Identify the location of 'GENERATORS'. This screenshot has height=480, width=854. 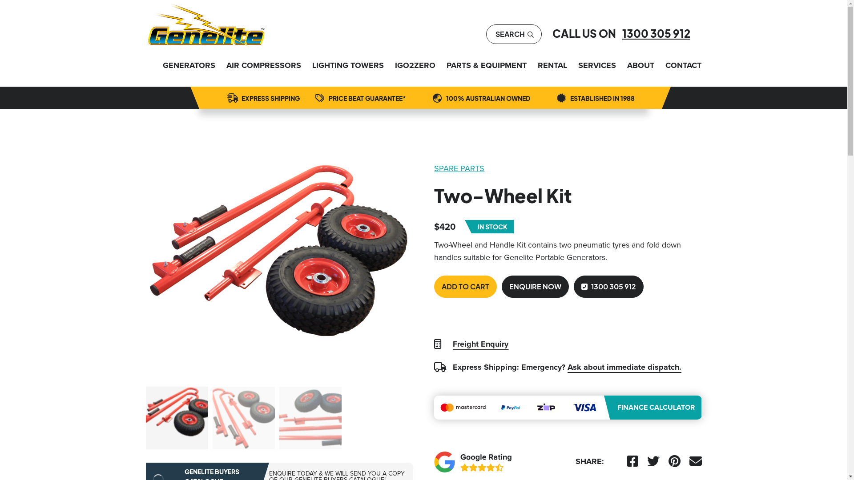
(189, 64).